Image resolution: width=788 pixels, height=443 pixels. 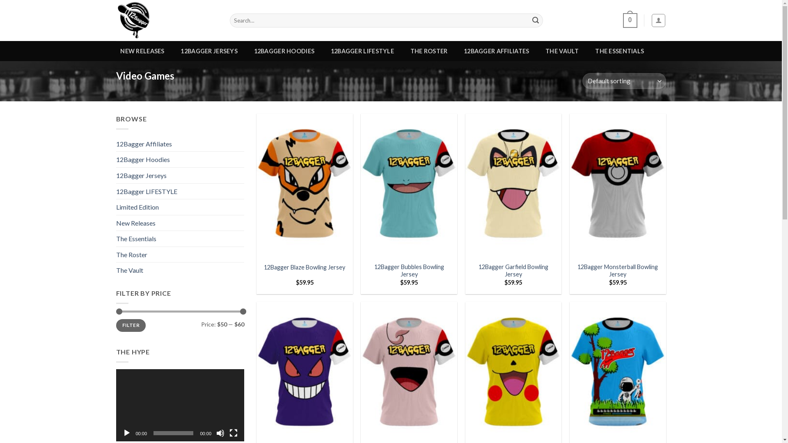 What do you see at coordinates (115, 239) in the screenshot?
I see `'The Essentials'` at bounding box center [115, 239].